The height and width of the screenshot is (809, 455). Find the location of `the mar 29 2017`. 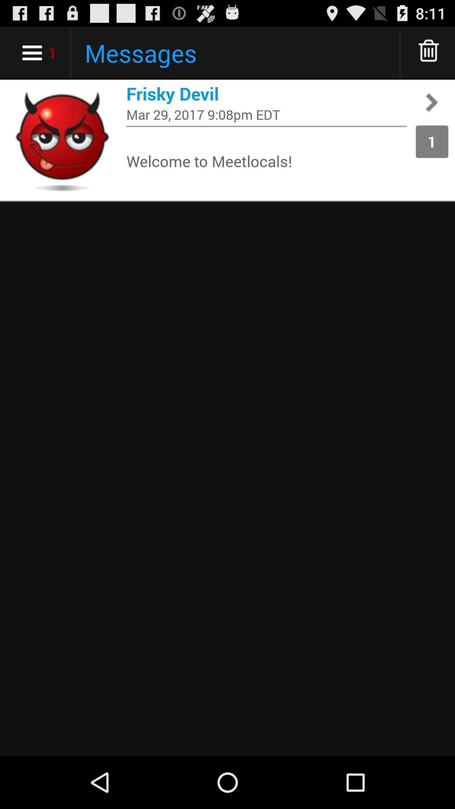

the mar 29 2017 is located at coordinates (266, 114).